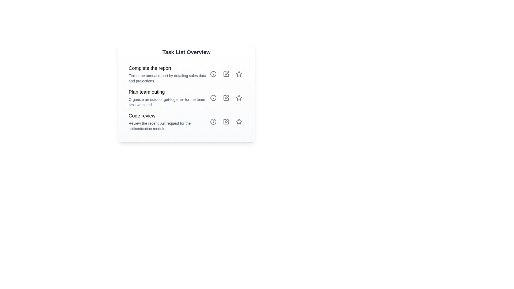 This screenshot has height=289, width=514. What do you see at coordinates (239, 74) in the screenshot?
I see `the favorite button for the task 'Complete the report'` at bounding box center [239, 74].